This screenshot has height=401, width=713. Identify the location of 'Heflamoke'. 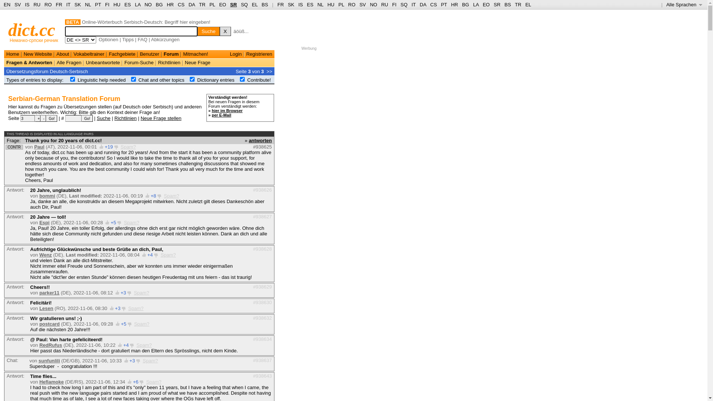
(51, 382).